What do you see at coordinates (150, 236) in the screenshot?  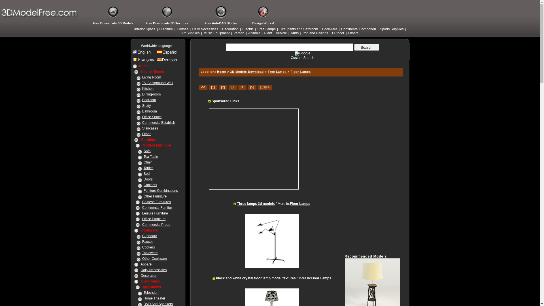 I see `'Cupboard'` at bounding box center [150, 236].